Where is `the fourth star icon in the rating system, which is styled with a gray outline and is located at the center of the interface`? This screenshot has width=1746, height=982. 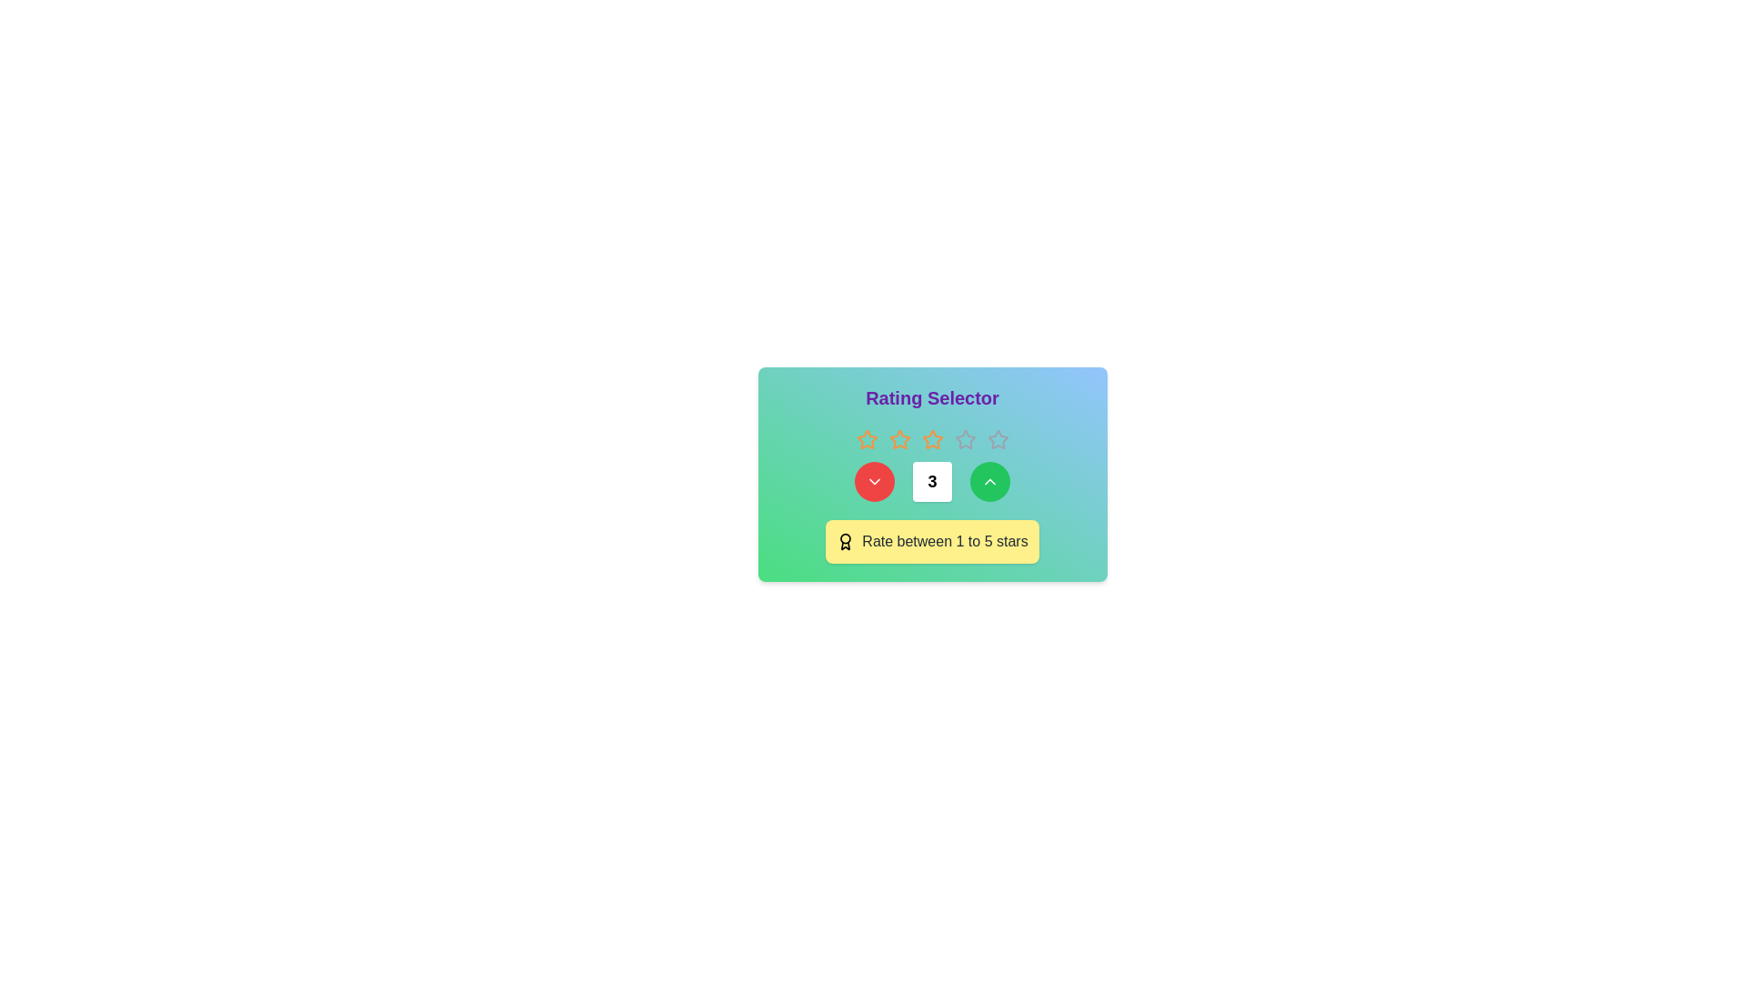 the fourth star icon in the rating system, which is styled with a gray outline and is located at the center of the interface is located at coordinates (964, 439).